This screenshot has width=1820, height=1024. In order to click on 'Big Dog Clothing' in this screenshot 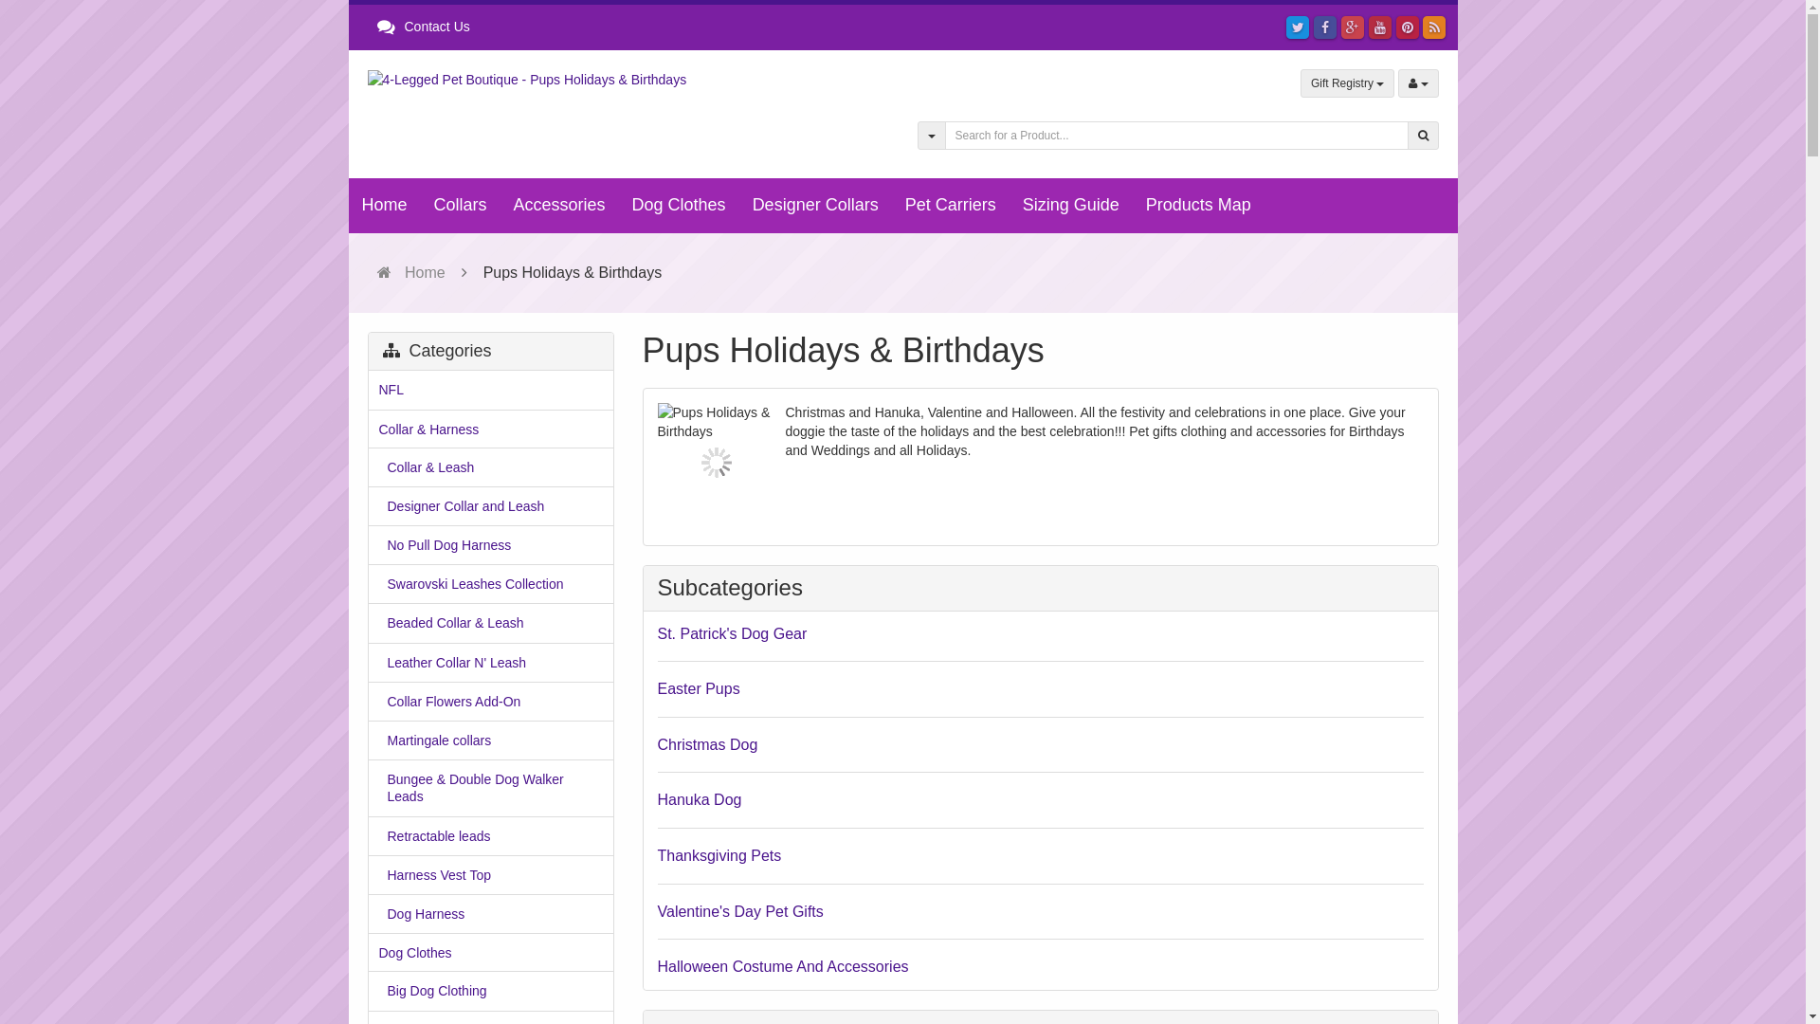, I will do `click(368, 989)`.